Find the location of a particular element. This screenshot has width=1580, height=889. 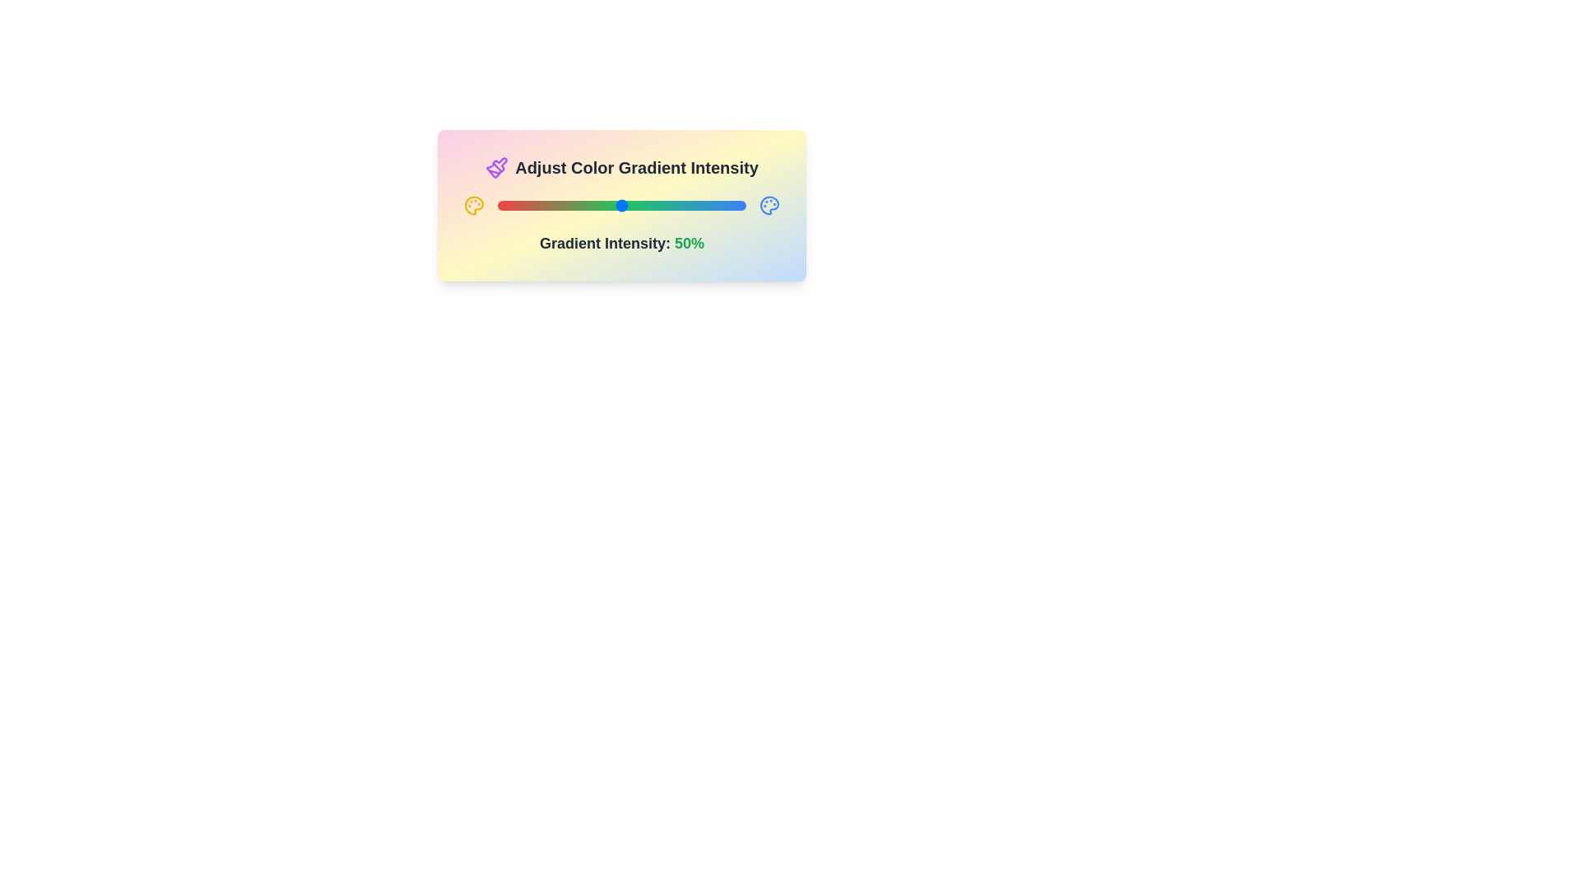

the paintbrush icon to trigger its interaction is located at coordinates (496, 168).